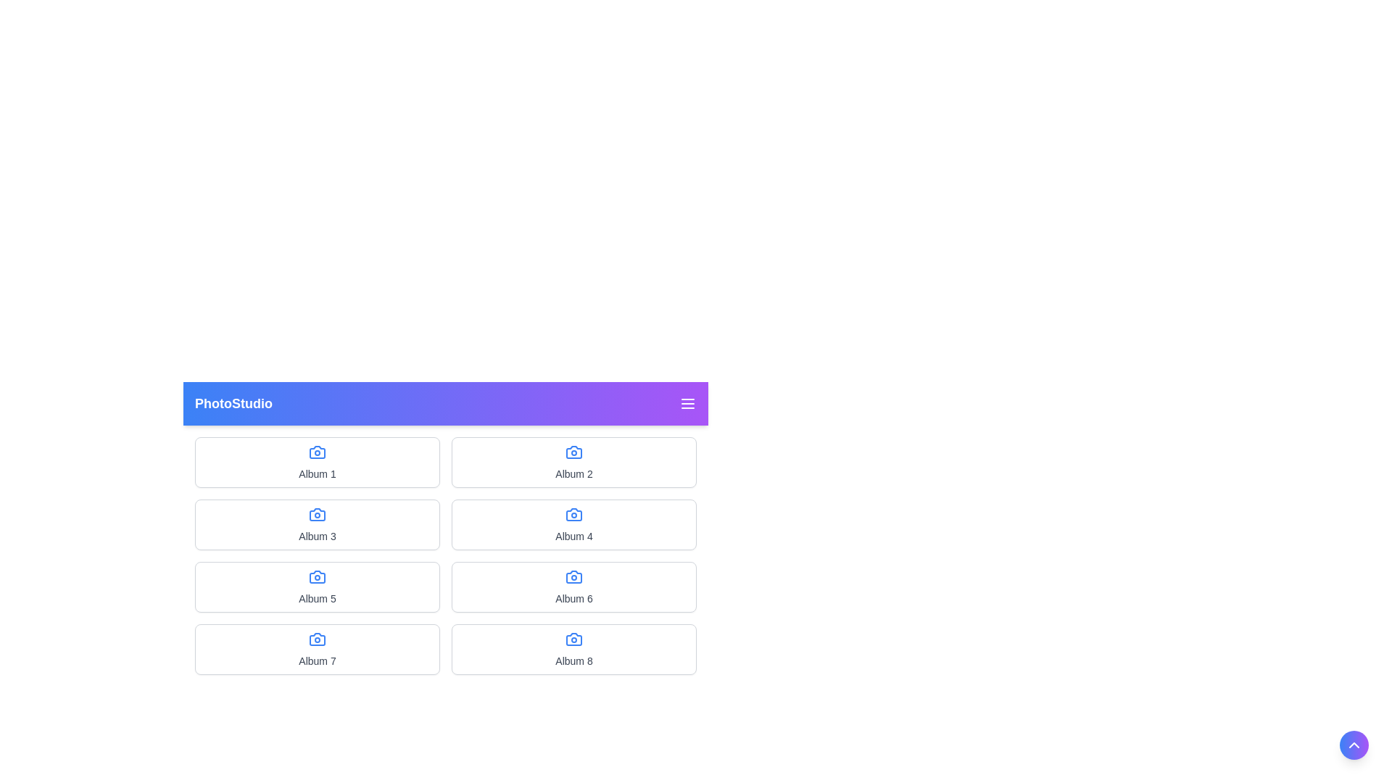 This screenshot has width=1392, height=783. I want to click on the album preview card representing 'Album 8' in the grid layout, so click(573, 648).